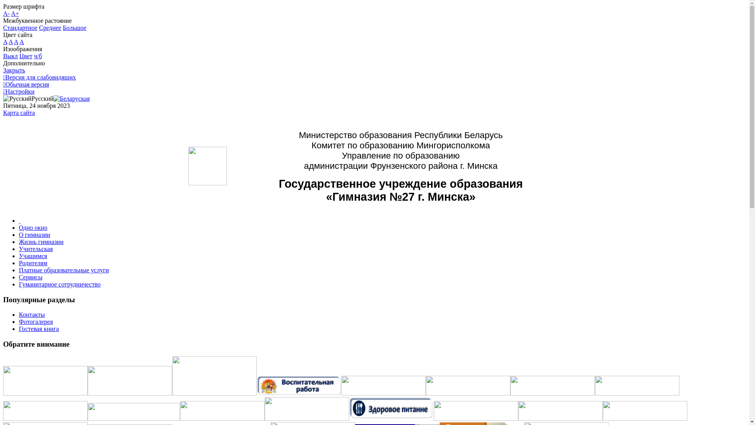  What do you see at coordinates (5, 42) in the screenshot?
I see `'A'` at bounding box center [5, 42].